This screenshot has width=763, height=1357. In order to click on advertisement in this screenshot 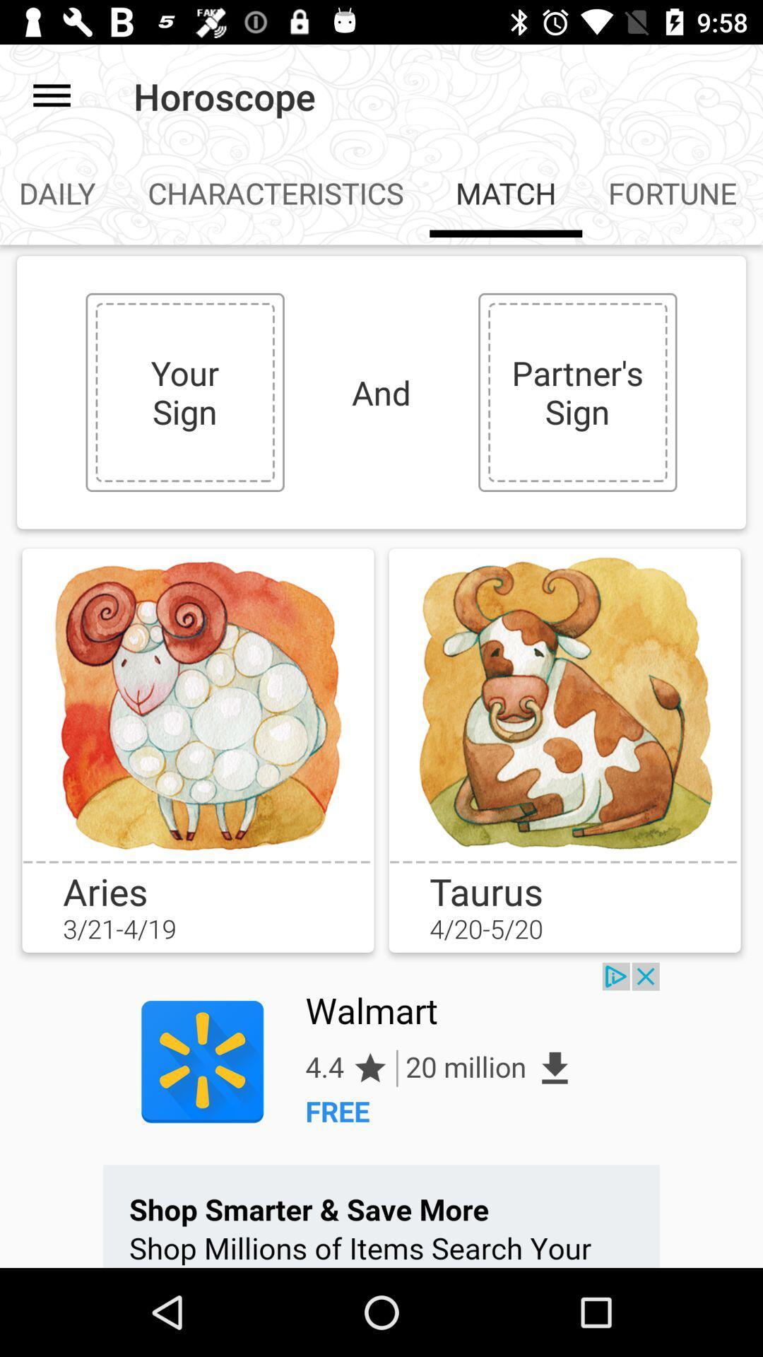, I will do `click(381, 1115)`.